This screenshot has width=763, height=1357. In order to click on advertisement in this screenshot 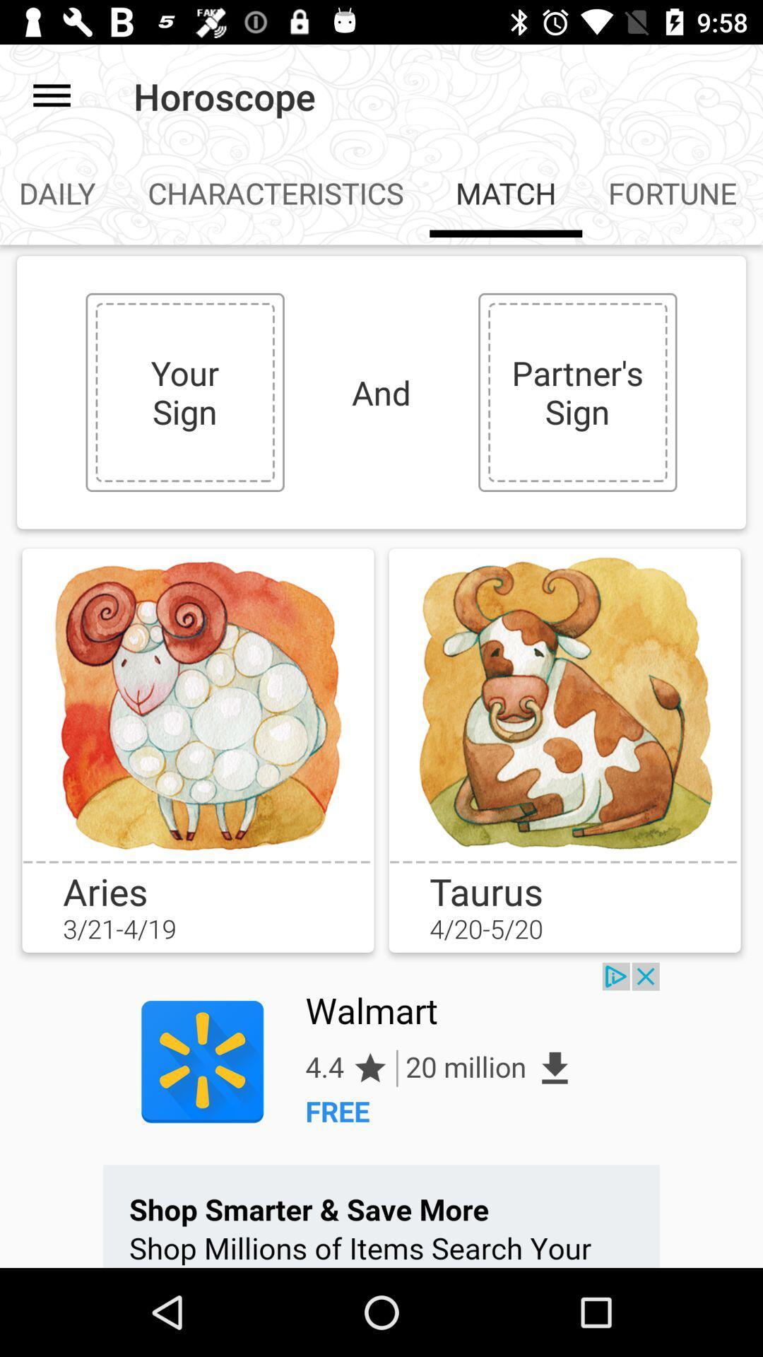, I will do `click(381, 1115)`.